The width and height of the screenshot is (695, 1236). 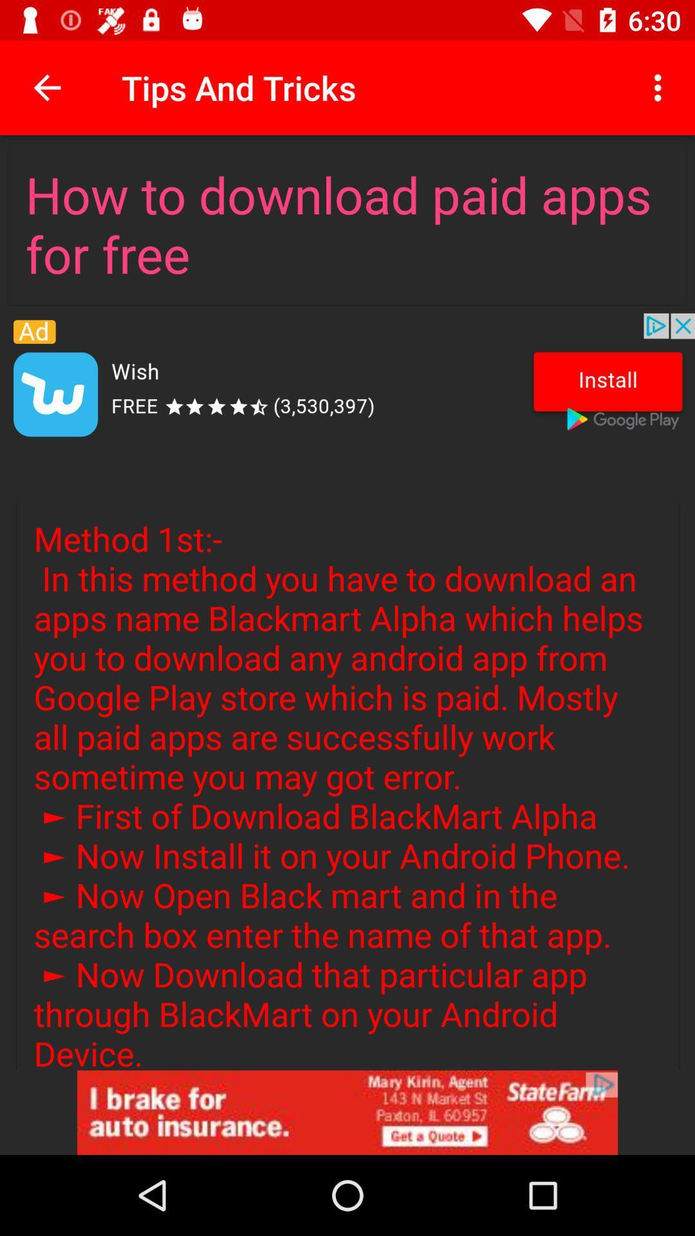 I want to click on an advertisement, so click(x=347, y=1112).